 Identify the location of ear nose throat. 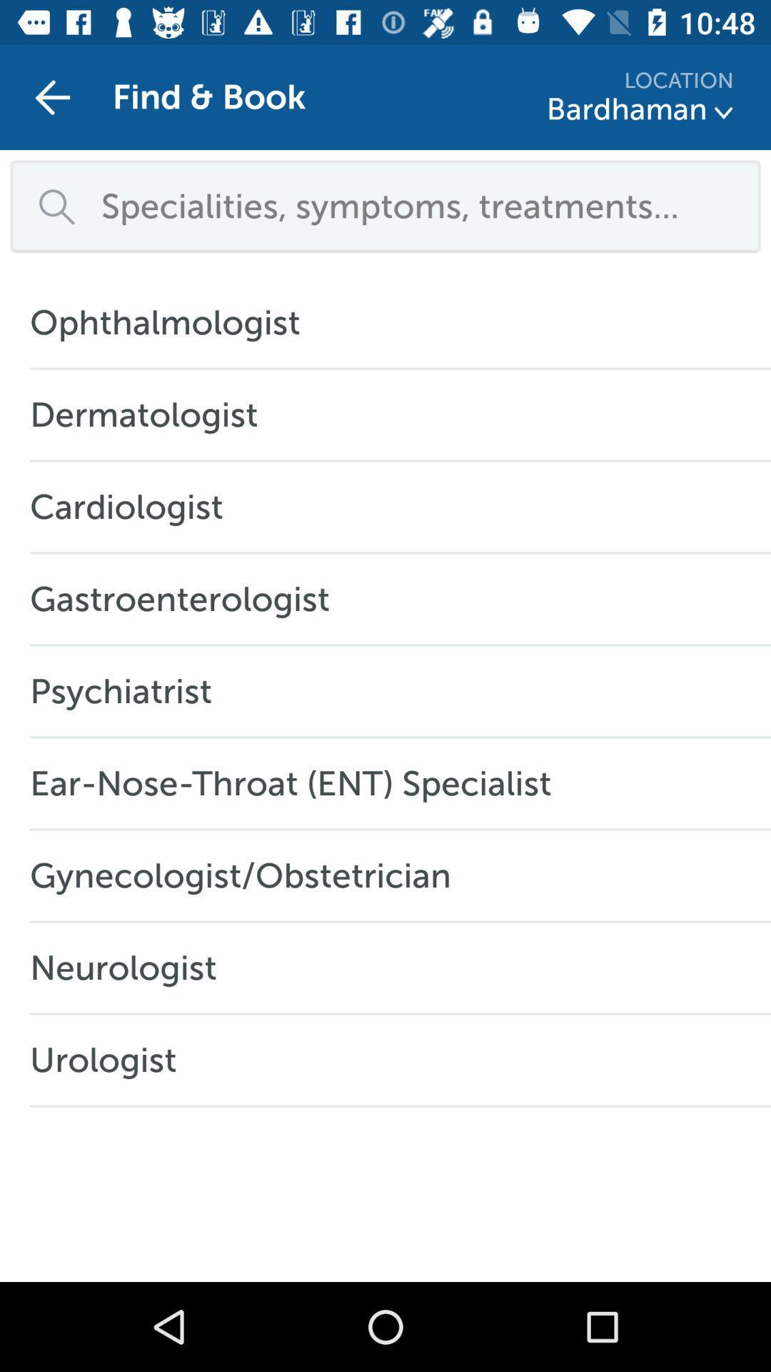
(297, 782).